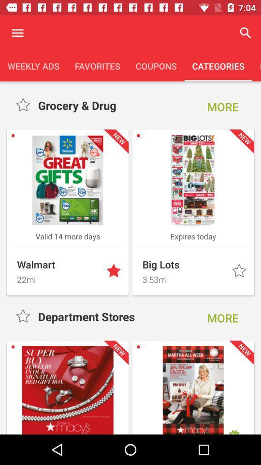 The width and height of the screenshot is (261, 465). Describe the element at coordinates (24, 105) in the screenshot. I see `your shopping department` at that location.